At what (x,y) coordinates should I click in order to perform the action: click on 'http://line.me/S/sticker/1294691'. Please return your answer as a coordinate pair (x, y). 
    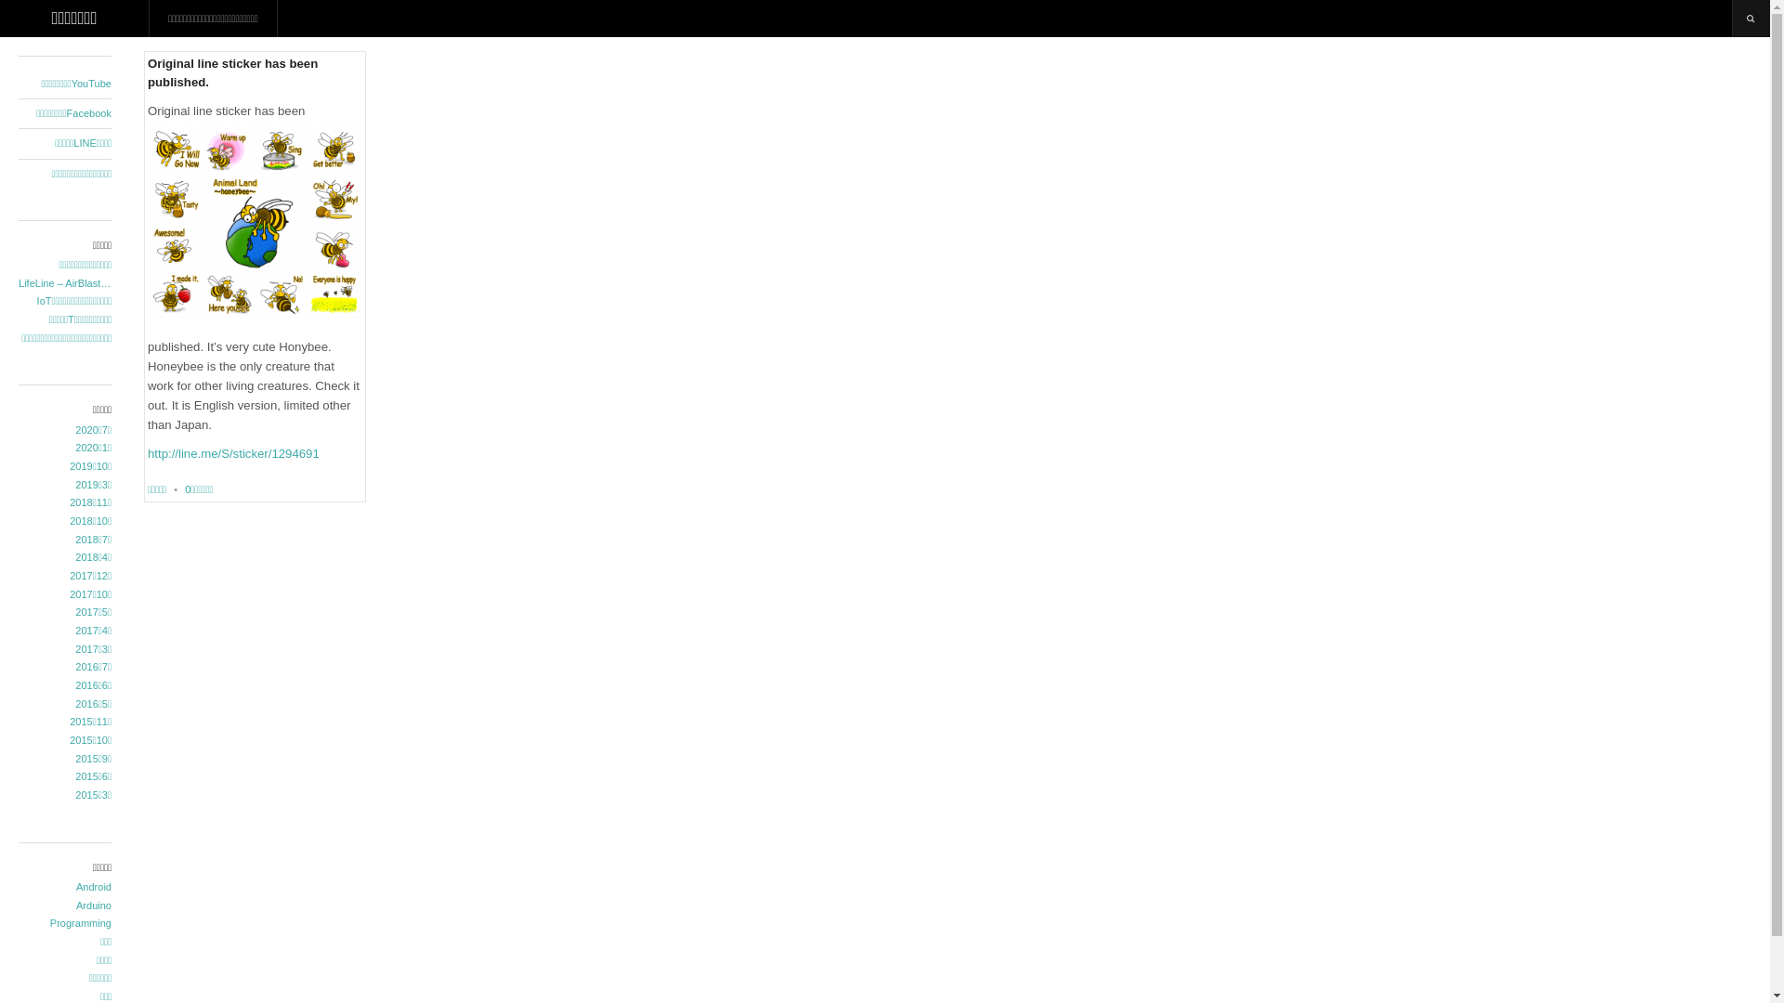
    Looking at the image, I should click on (232, 453).